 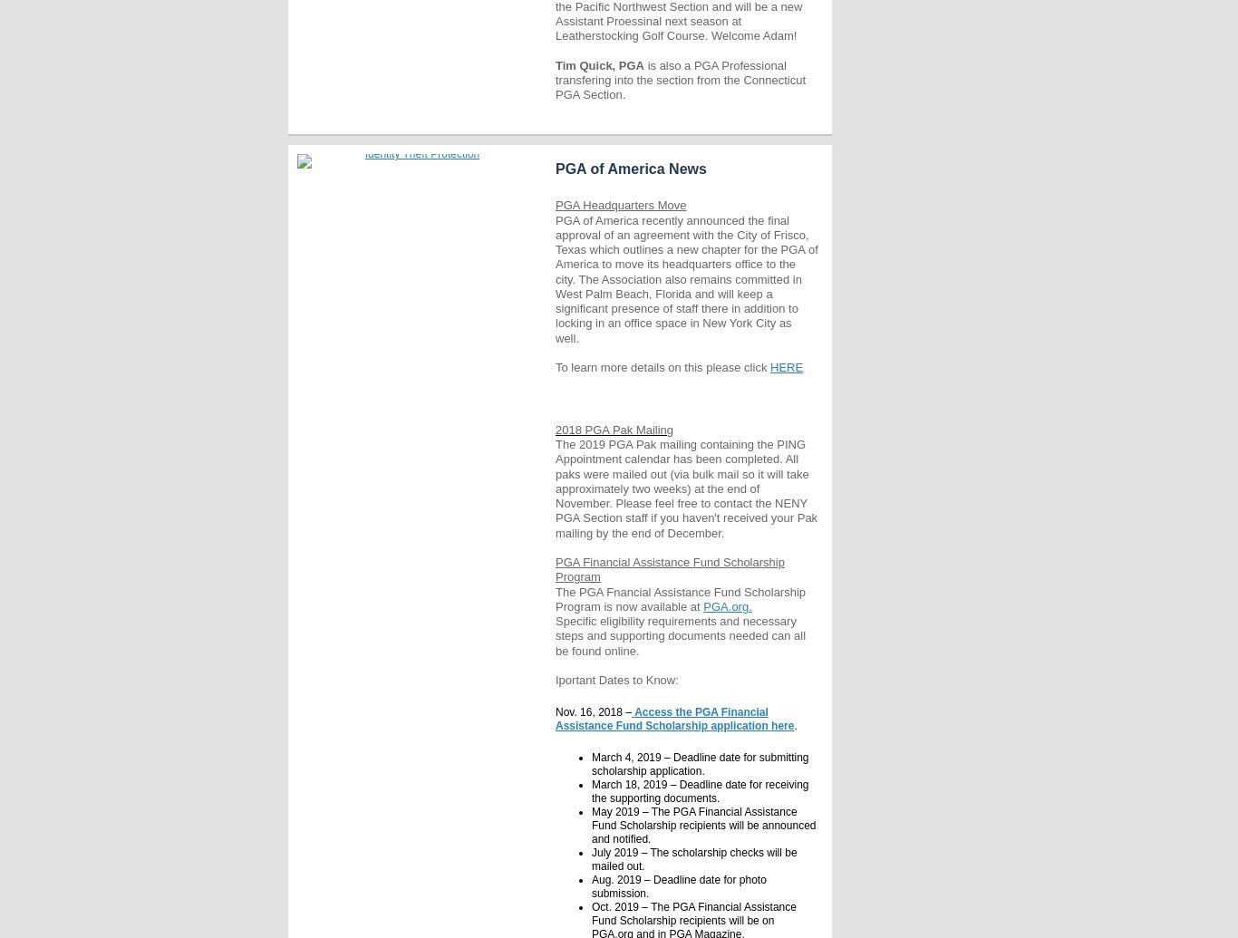 What do you see at coordinates (686, 488) in the screenshot?
I see `'The 2019 PGA Pak mailing containing the PING Appointment calendar has been completed. All paks were mailed out (via bulk mail so it will take approximately two weeks) at the end of November. Please feel free to contact the NENY PGA Section staff if you haven't received your  Pak mailing by the end of December.'` at bounding box center [686, 488].